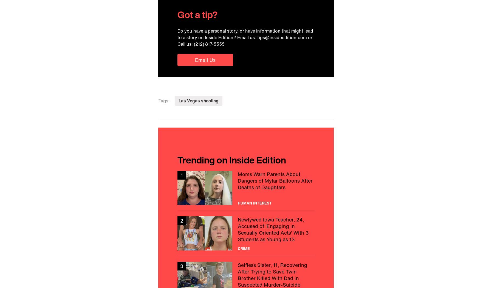 Image resolution: width=492 pixels, height=288 pixels. What do you see at coordinates (245, 40) in the screenshot?
I see `'or Call us:'` at bounding box center [245, 40].